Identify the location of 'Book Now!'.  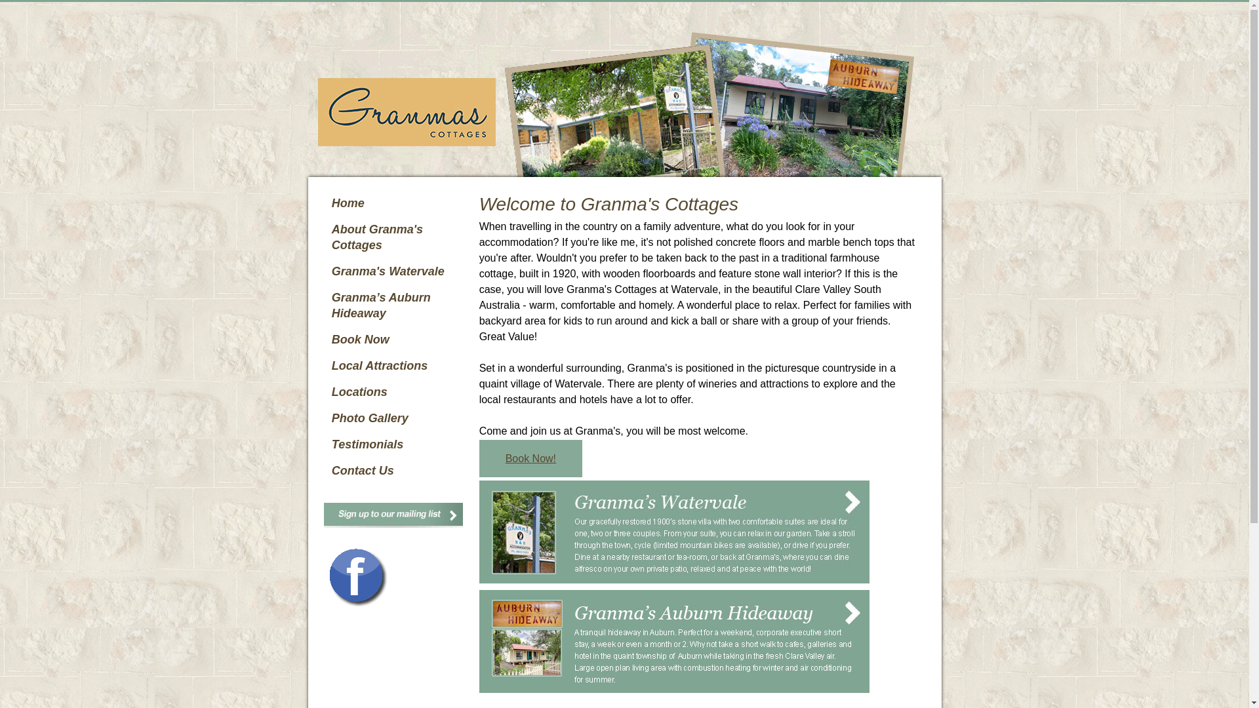
(530, 458).